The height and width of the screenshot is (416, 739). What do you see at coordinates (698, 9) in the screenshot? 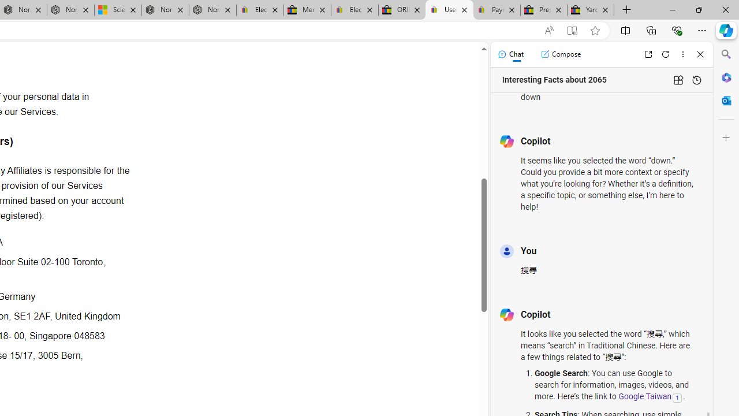
I see `'Restore'` at bounding box center [698, 9].